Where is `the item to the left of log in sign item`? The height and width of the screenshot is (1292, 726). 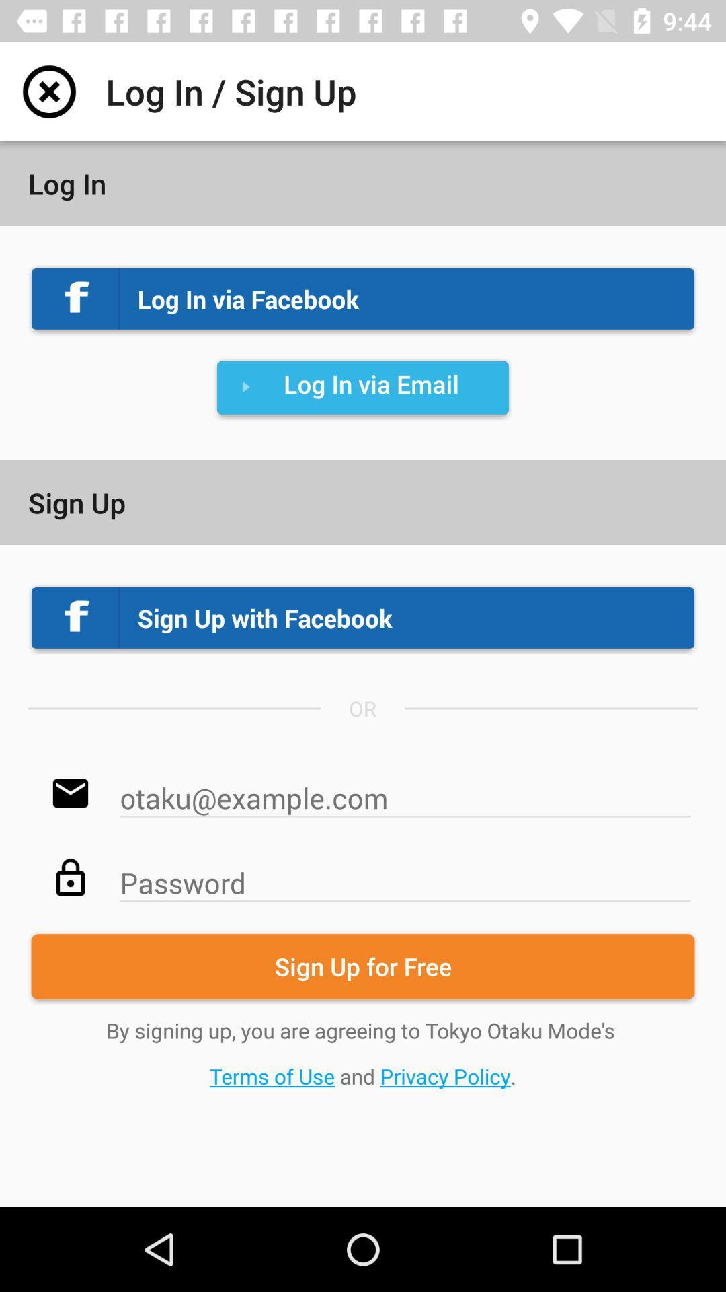
the item to the left of log in sign item is located at coordinates (48, 91).